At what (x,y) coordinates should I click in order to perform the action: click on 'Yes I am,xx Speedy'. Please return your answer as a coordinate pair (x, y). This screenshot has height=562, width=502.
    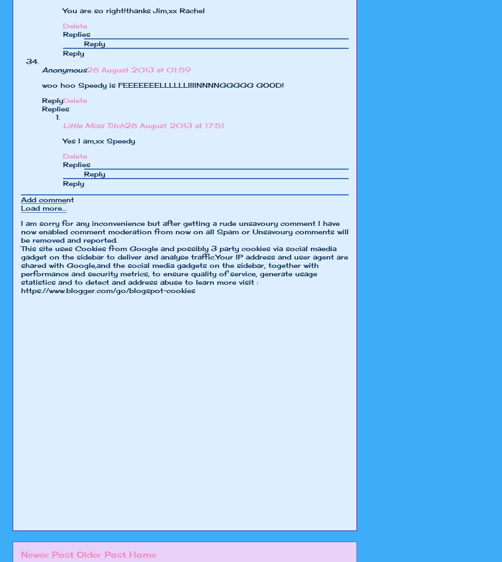
    Looking at the image, I should click on (99, 141).